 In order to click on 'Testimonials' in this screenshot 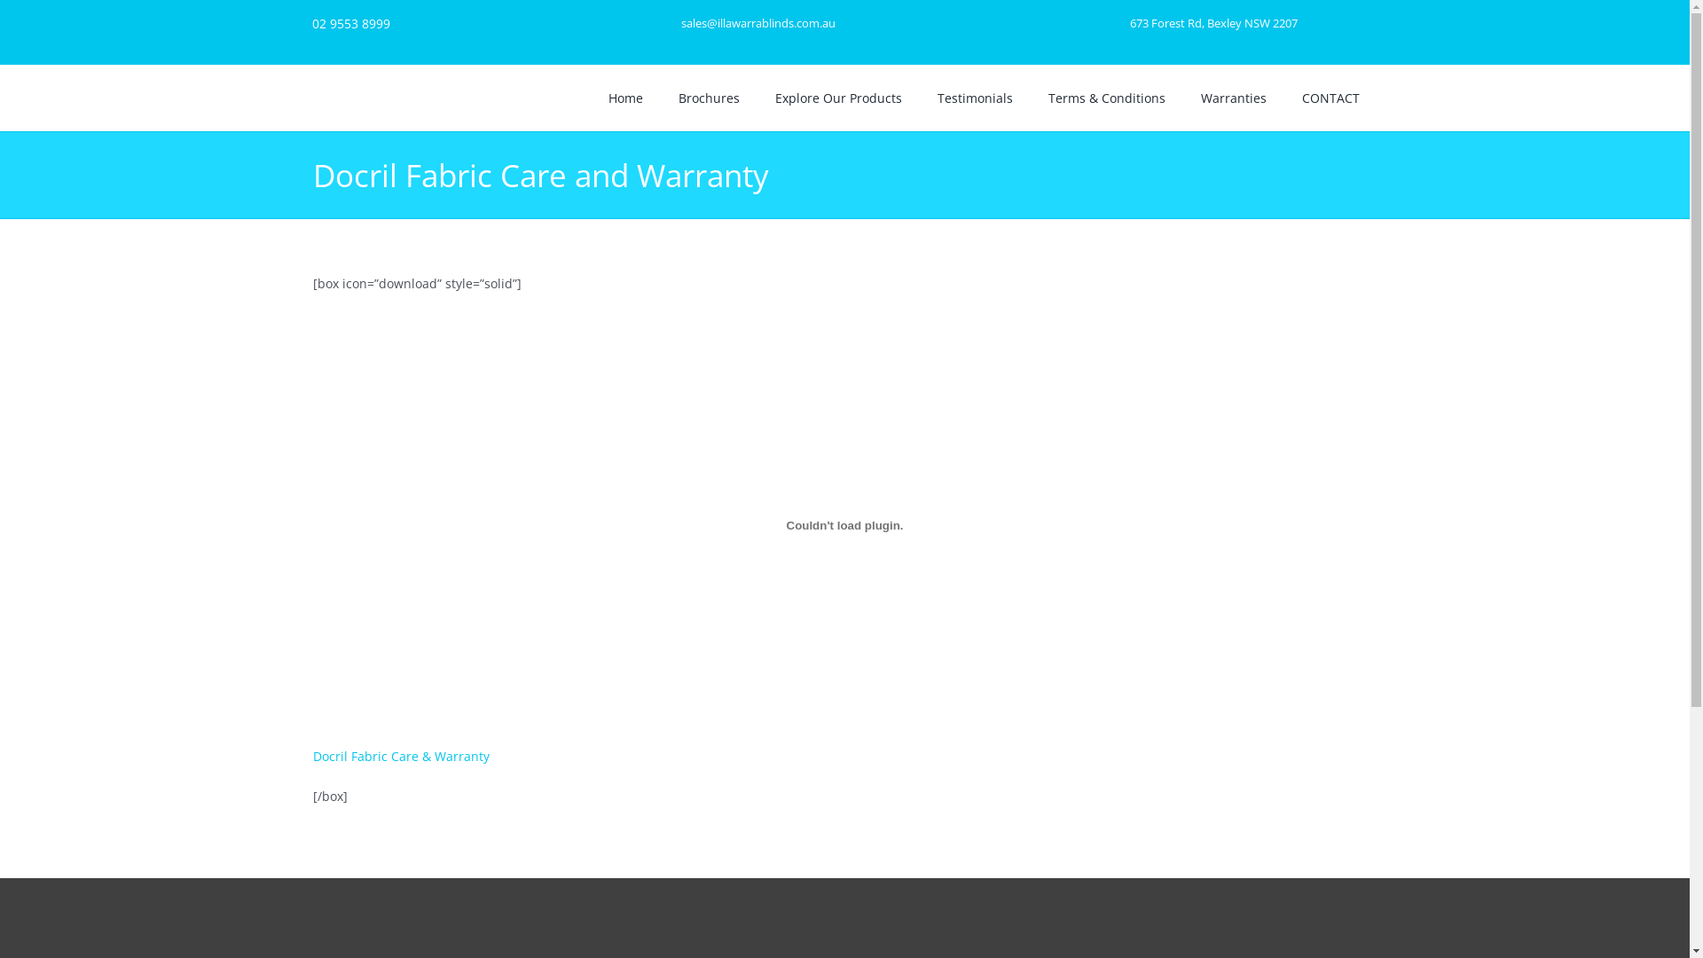, I will do `click(974, 98)`.